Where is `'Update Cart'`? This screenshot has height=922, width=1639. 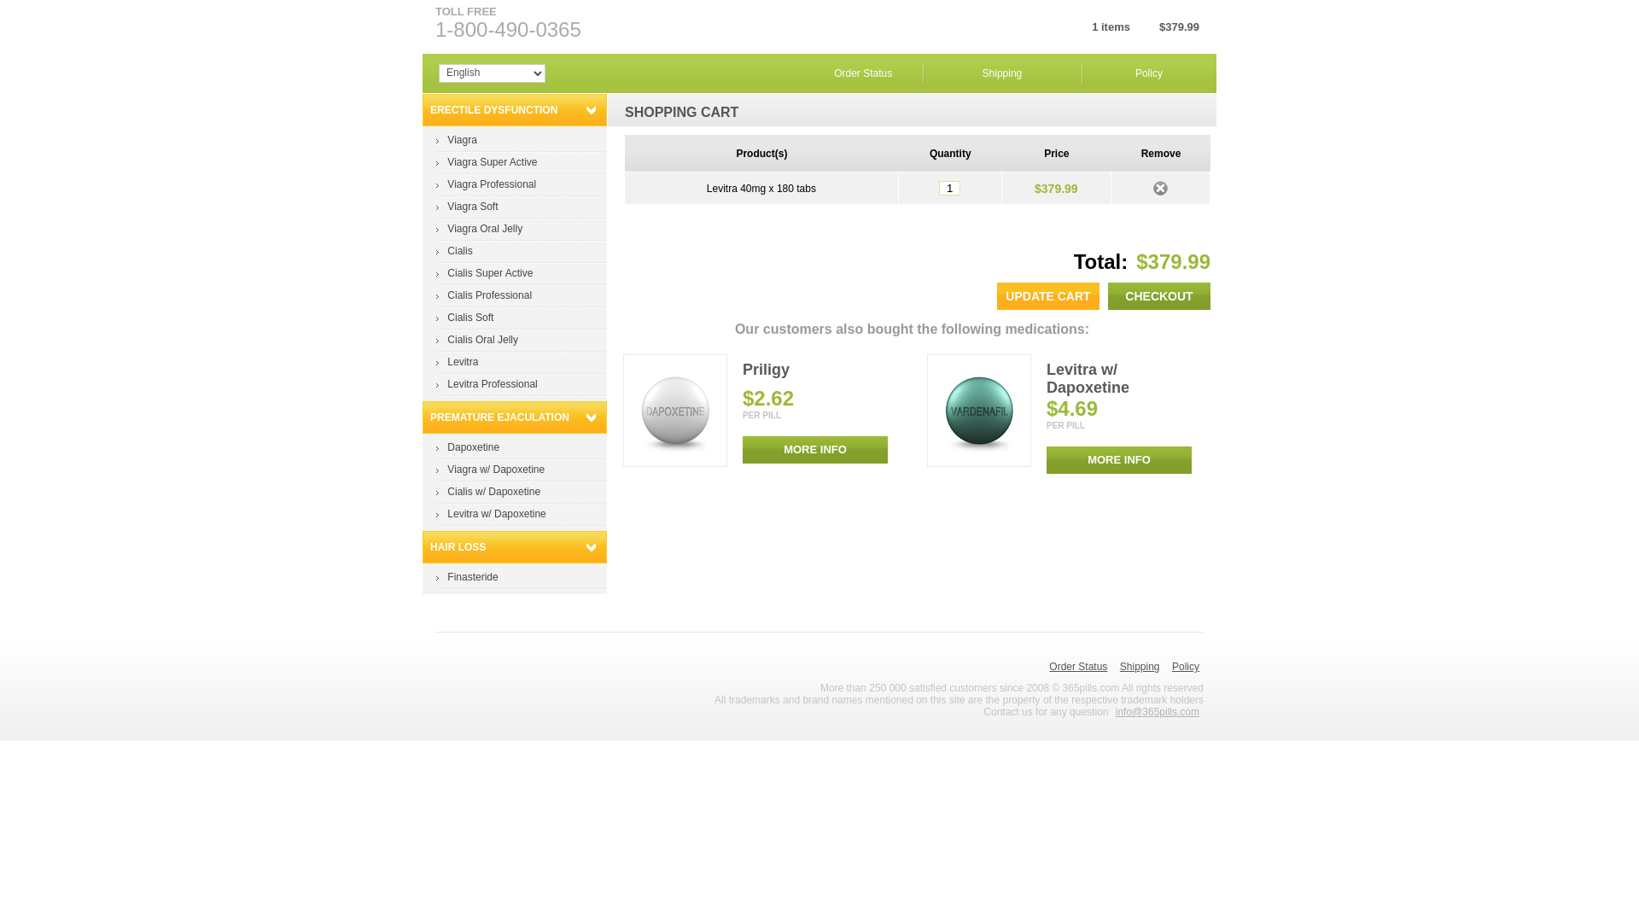 'Update Cart' is located at coordinates (996, 295).